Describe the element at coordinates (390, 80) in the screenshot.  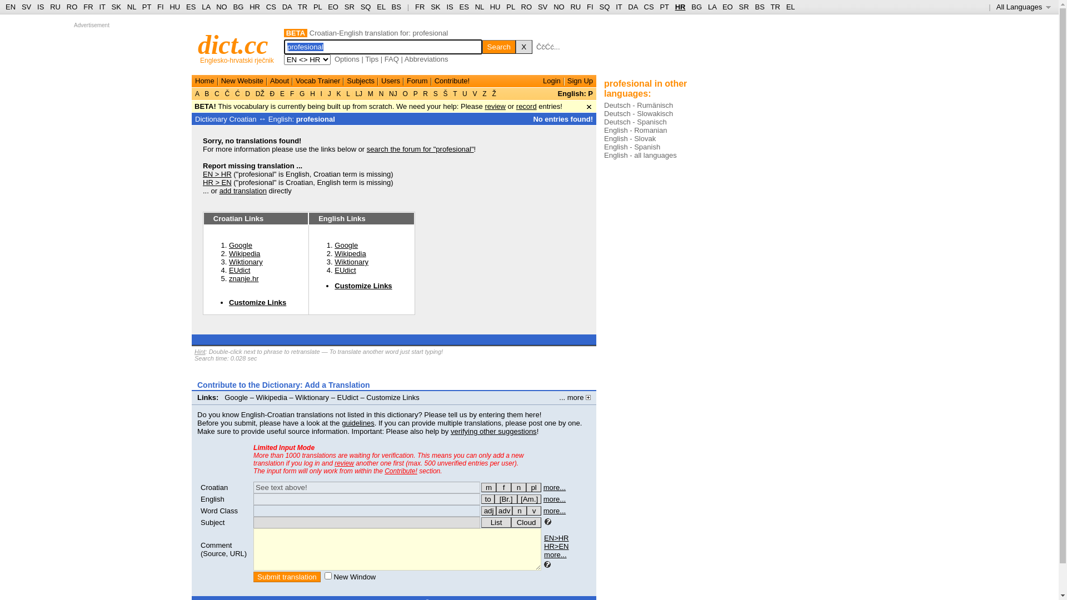
I see `'Users'` at that location.